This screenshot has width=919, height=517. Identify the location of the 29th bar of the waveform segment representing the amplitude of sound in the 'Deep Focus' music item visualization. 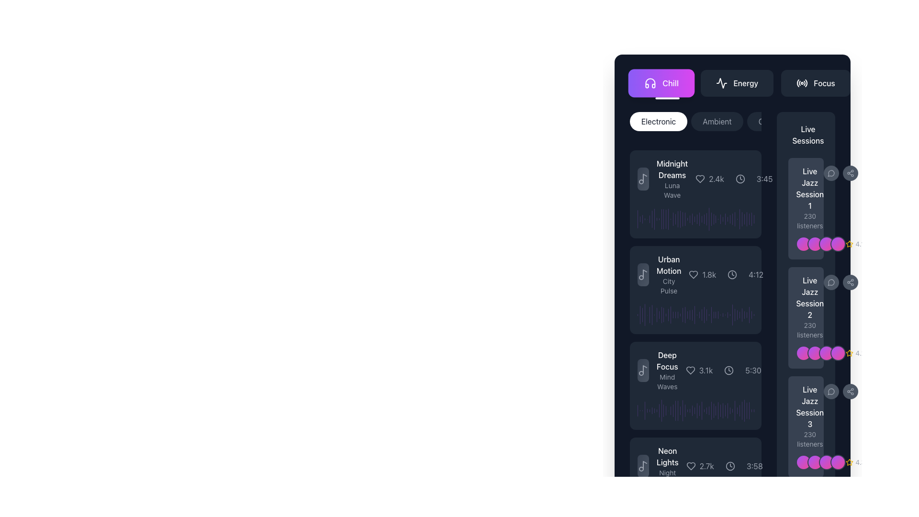
(702, 410).